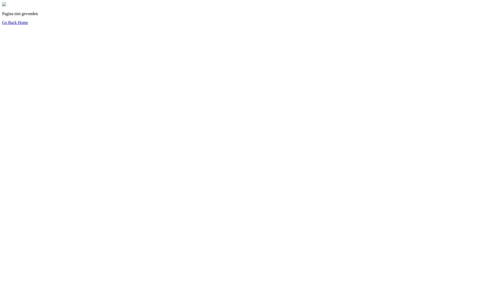  Describe the element at coordinates (2, 22) in the screenshot. I see `'Go Back Home'` at that location.